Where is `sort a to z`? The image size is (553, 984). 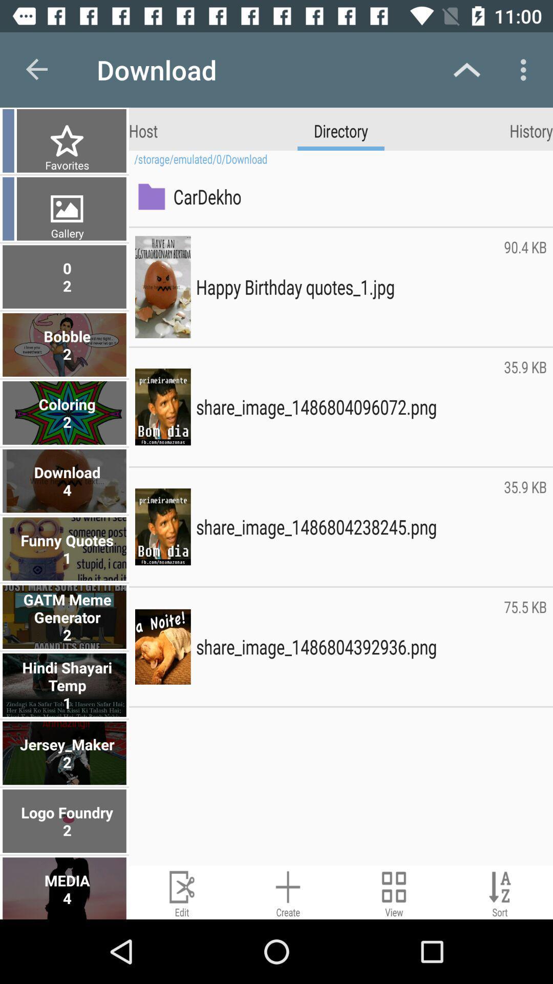
sort a to z is located at coordinates (499, 892).